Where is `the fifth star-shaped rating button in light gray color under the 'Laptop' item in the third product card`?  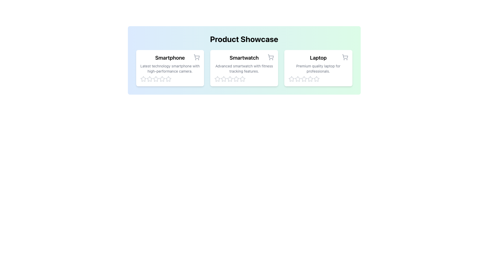 the fifth star-shaped rating button in light gray color under the 'Laptop' item in the third product card is located at coordinates (316, 79).